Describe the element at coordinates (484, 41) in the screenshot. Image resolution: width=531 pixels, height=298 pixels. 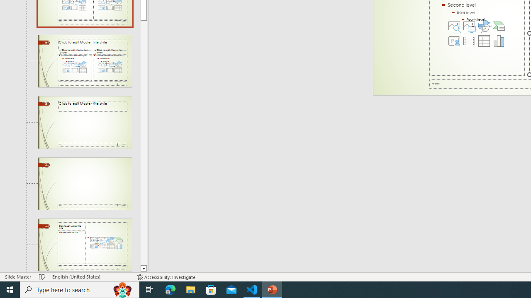
I see `'Insert Table'` at that location.